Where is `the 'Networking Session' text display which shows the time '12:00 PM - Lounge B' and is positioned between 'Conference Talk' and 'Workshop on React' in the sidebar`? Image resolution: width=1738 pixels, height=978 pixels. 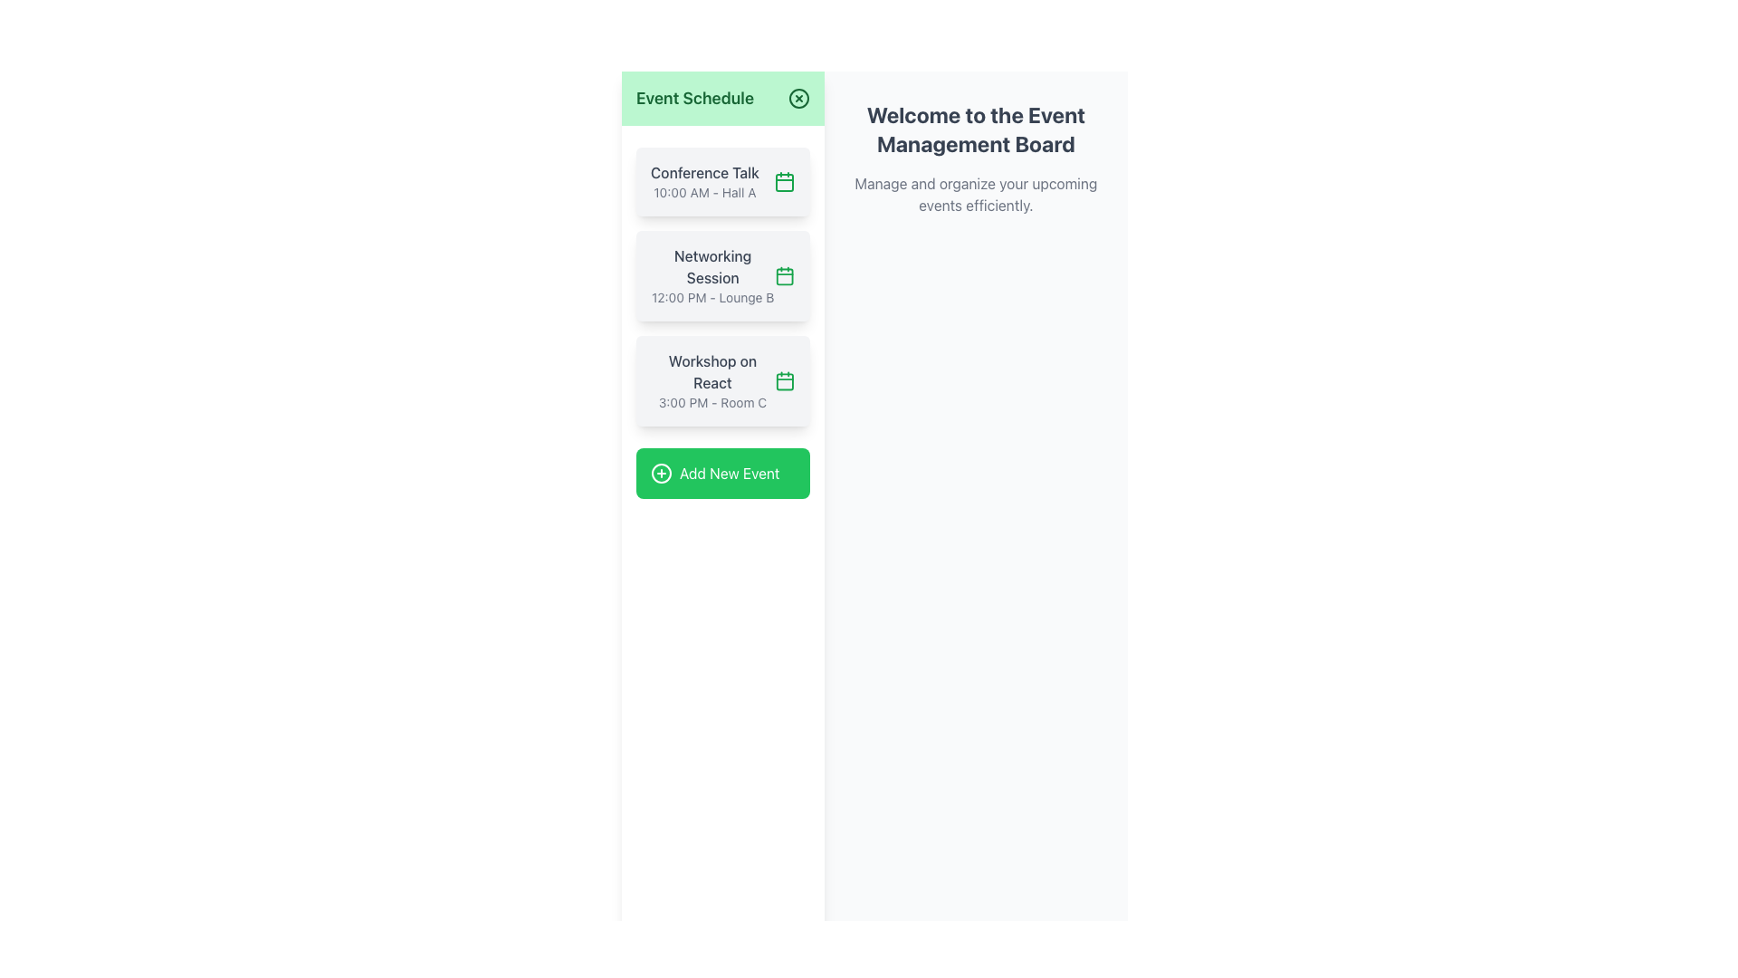 the 'Networking Session' text display which shows the time '12:00 PM - Lounge B' and is positioned between 'Conference Talk' and 'Workshop on React' in the sidebar is located at coordinates (711, 275).